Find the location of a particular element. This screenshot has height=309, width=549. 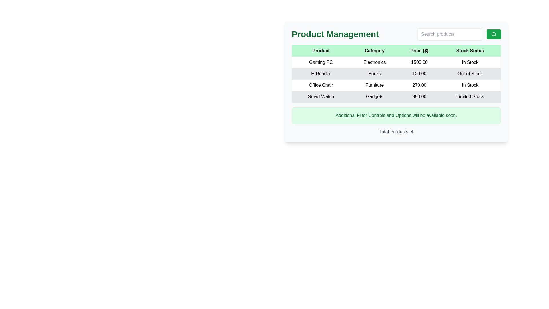

the static text indicating the stock status of the 'Gaming PC' product, which shows that the product is currently available for purchase is located at coordinates (470, 62).